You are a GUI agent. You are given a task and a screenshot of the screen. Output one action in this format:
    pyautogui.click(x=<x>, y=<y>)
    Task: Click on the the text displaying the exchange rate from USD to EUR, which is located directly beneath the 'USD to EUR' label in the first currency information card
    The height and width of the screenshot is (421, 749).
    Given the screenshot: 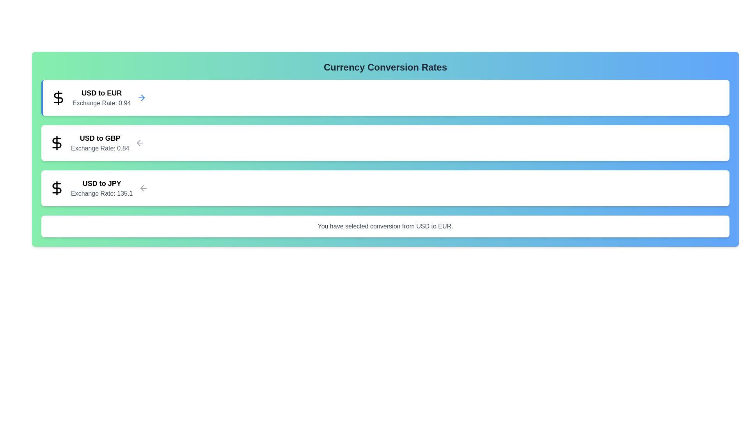 What is the action you would take?
    pyautogui.click(x=101, y=103)
    